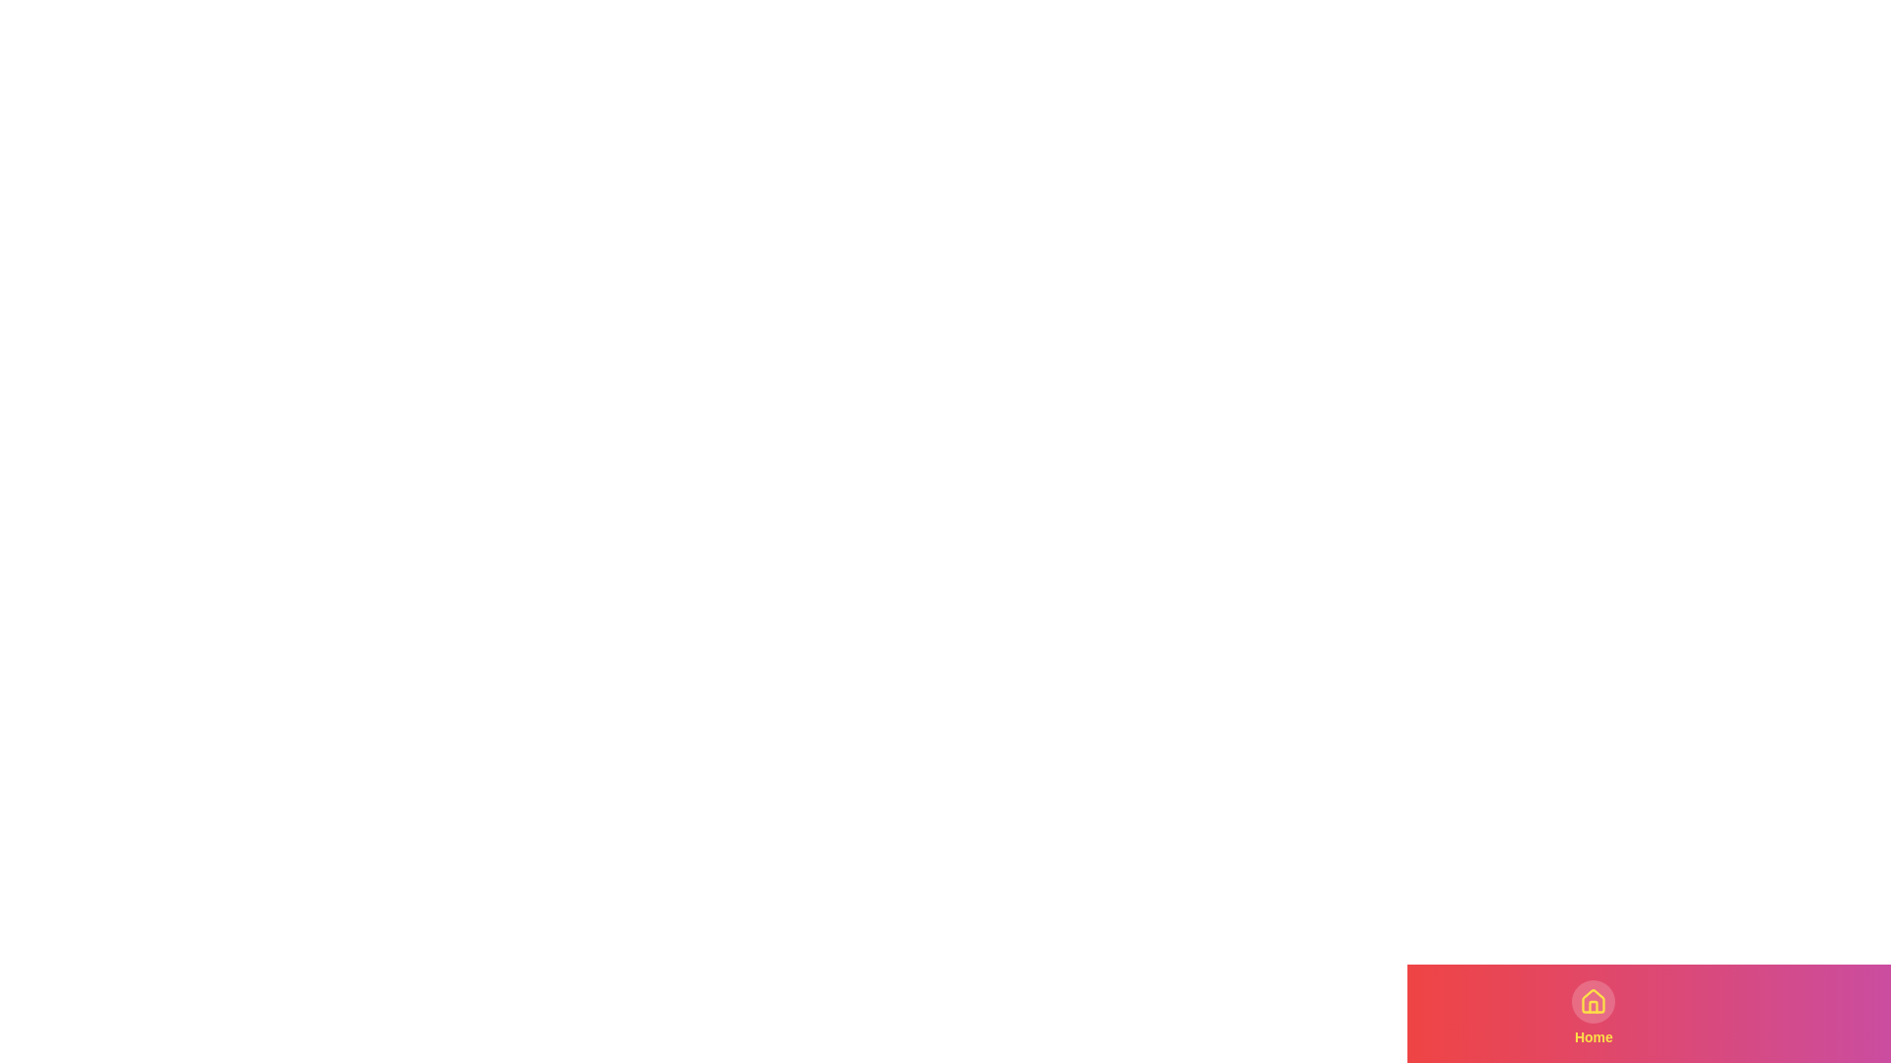 The height and width of the screenshot is (1063, 1891). Describe the element at coordinates (1594, 1013) in the screenshot. I see `the tab labeled Home in the bottom navigation bar` at that location.